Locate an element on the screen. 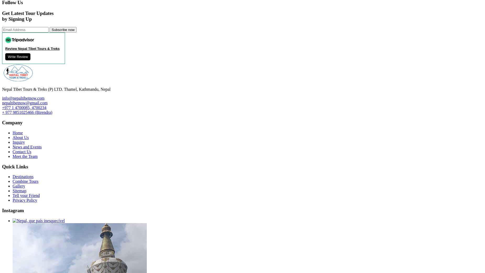 The width and height of the screenshot is (485, 273). 'Instagram' is located at coordinates (2, 210).